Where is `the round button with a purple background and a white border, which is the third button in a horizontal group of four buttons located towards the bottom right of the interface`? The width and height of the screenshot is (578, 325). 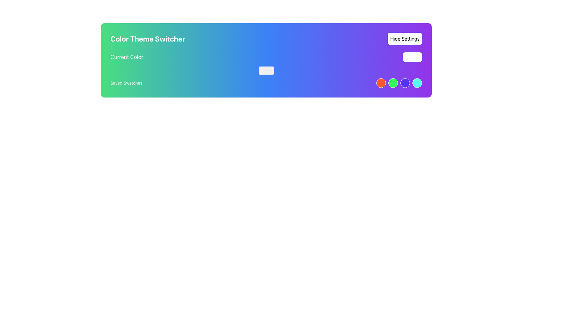 the round button with a purple background and a white border, which is the third button in a horizontal group of four buttons located towards the bottom right of the interface is located at coordinates (405, 83).